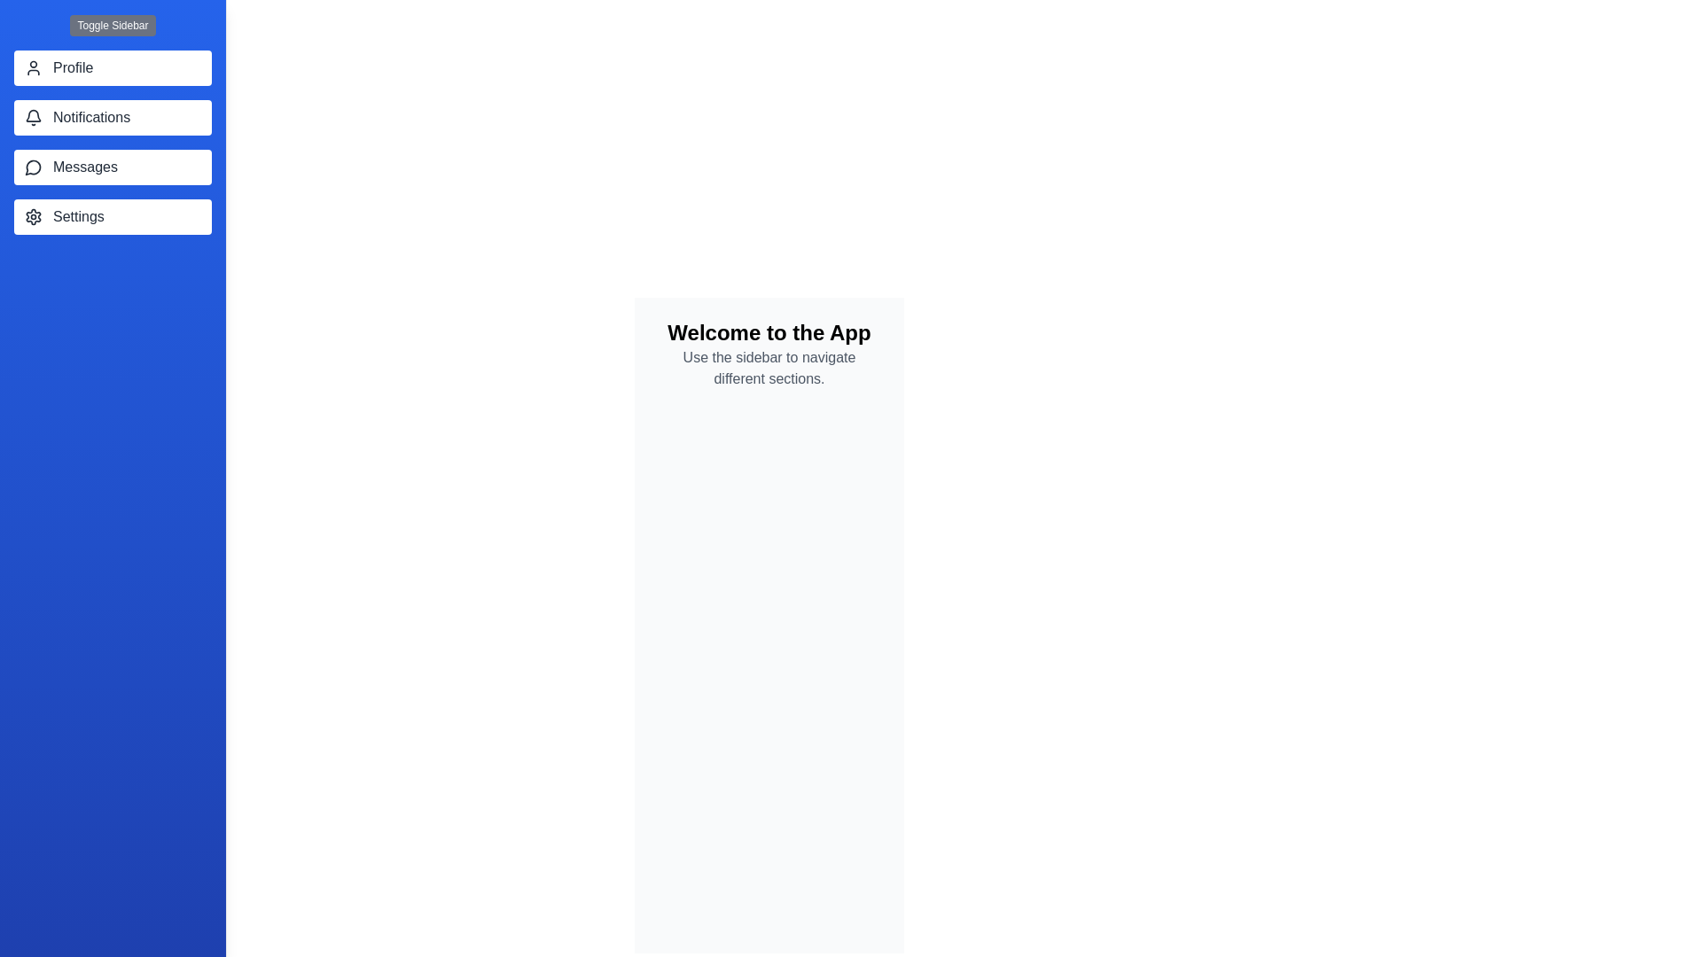 The image size is (1702, 957). I want to click on the menu item labeled Settings in the sidebar, so click(112, 216).